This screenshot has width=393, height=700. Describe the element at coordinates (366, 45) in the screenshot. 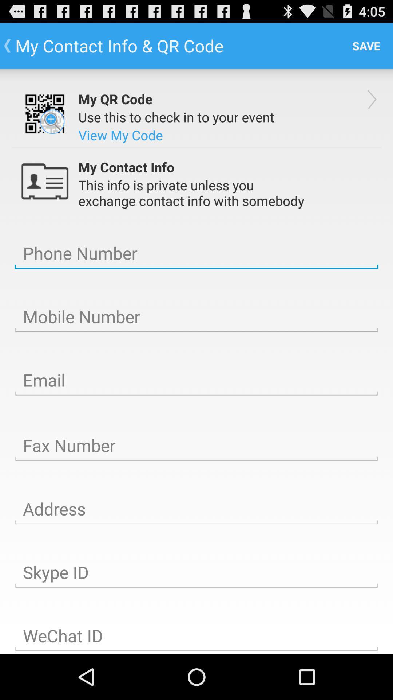

I see `the app to the right of the my contact info` at that location.